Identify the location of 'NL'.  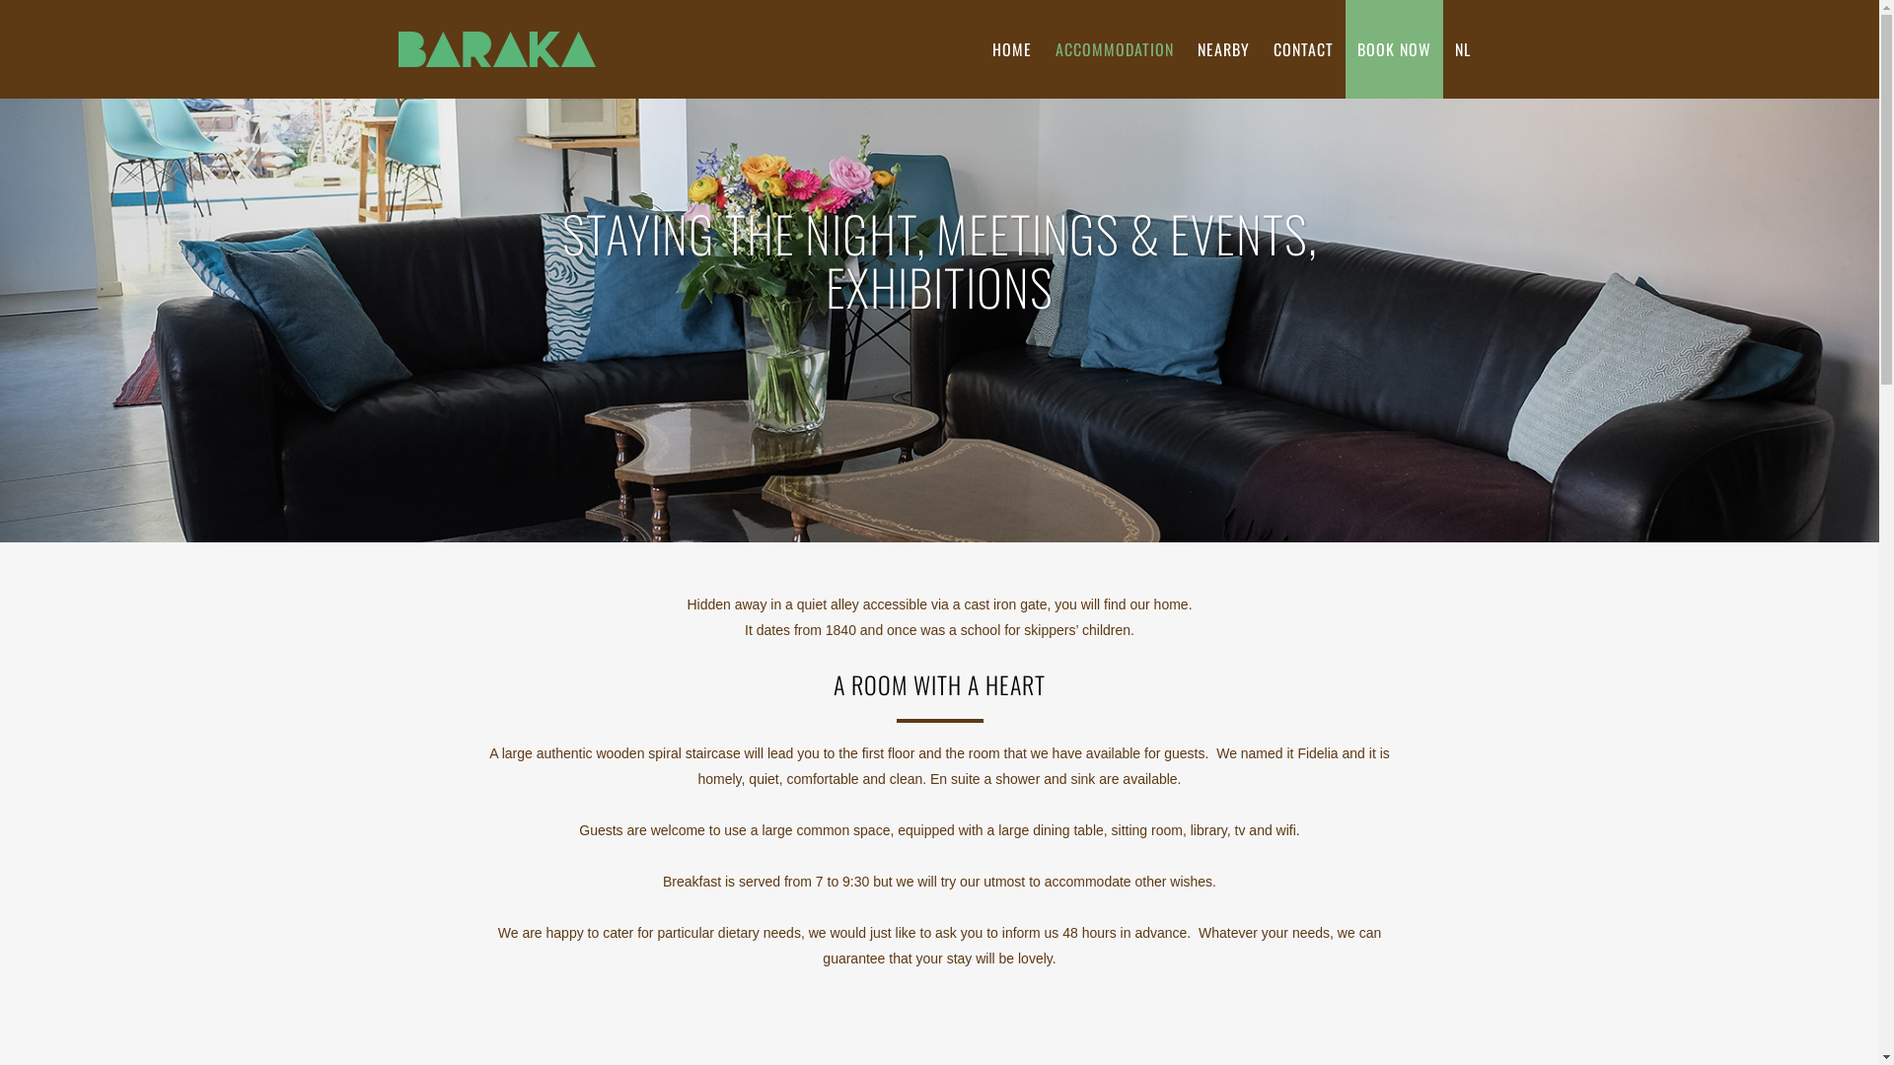
(1462, 48).